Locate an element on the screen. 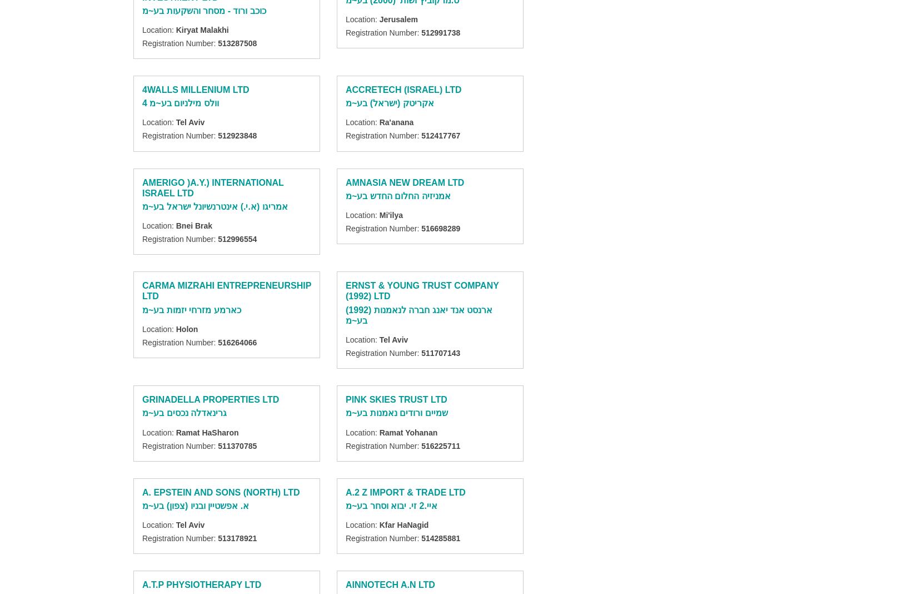 This screenshot has height=594, width=917. '512996554' is located at coordinates (237, 239).